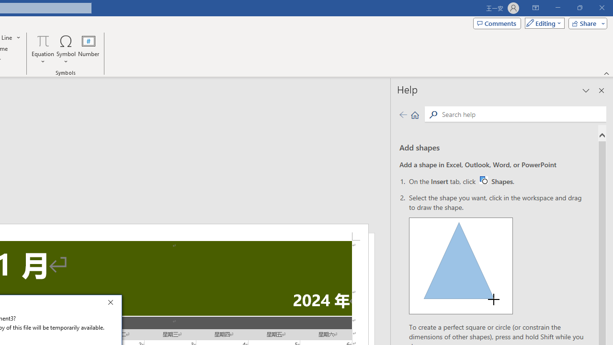 This screenshot has height=345, width=613. What do you see at coordinates (585, 23) in the screenshot?
I see `'Share'` at bounding box center [585, 23].